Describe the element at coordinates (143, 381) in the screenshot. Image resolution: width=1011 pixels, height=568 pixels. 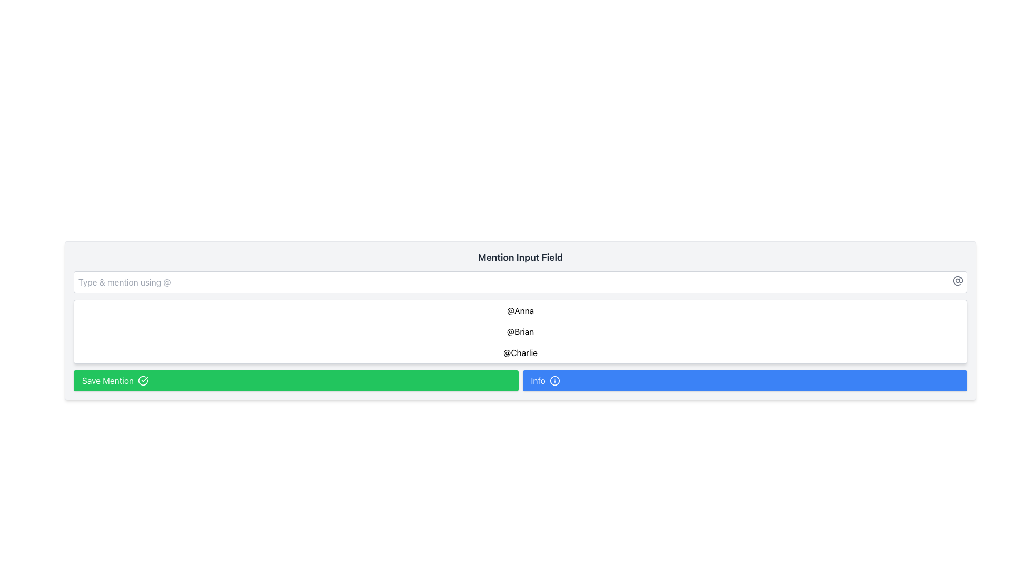
I see `the state represented by the circular icon with a checkmark inside, styled with a green background, which is located to the right of the 'Save Mention' text button` at that location.